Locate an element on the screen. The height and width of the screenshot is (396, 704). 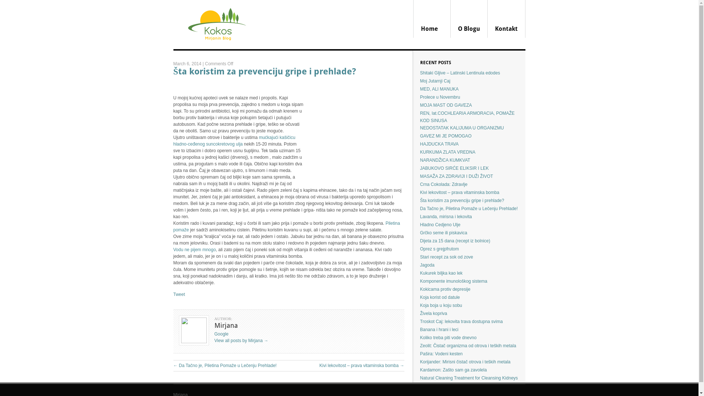
'Google' is located at coordinates (221, 334).